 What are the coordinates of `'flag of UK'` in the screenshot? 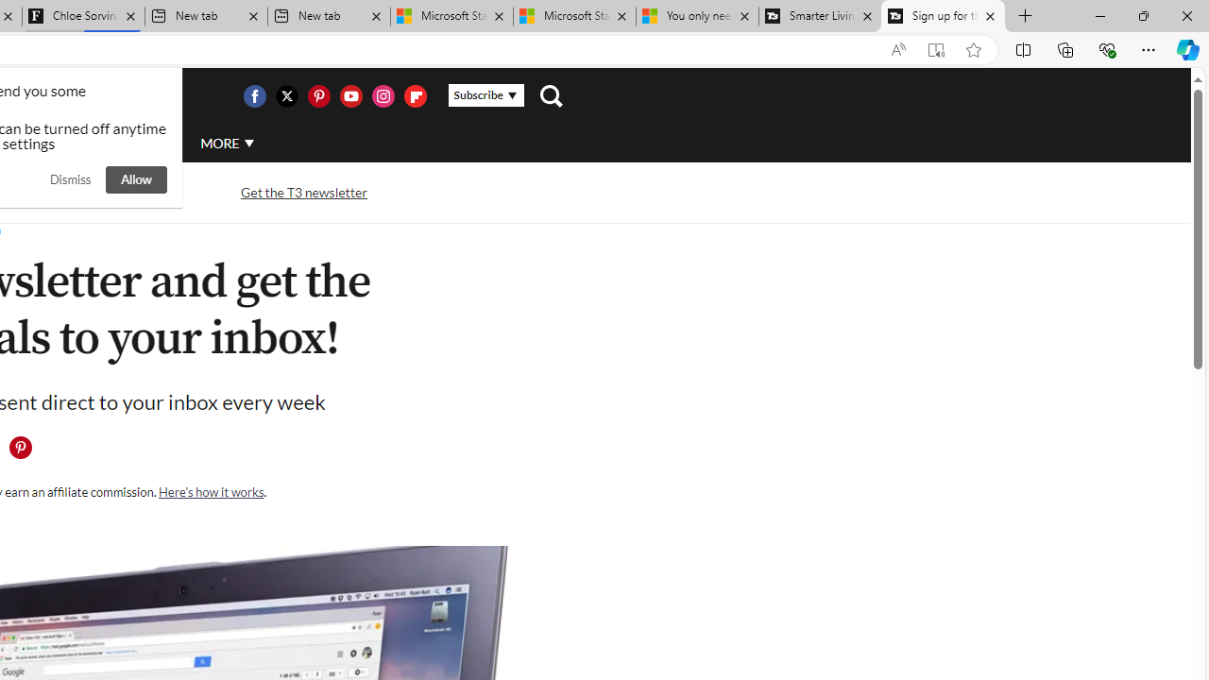 It's located at (42, 96).